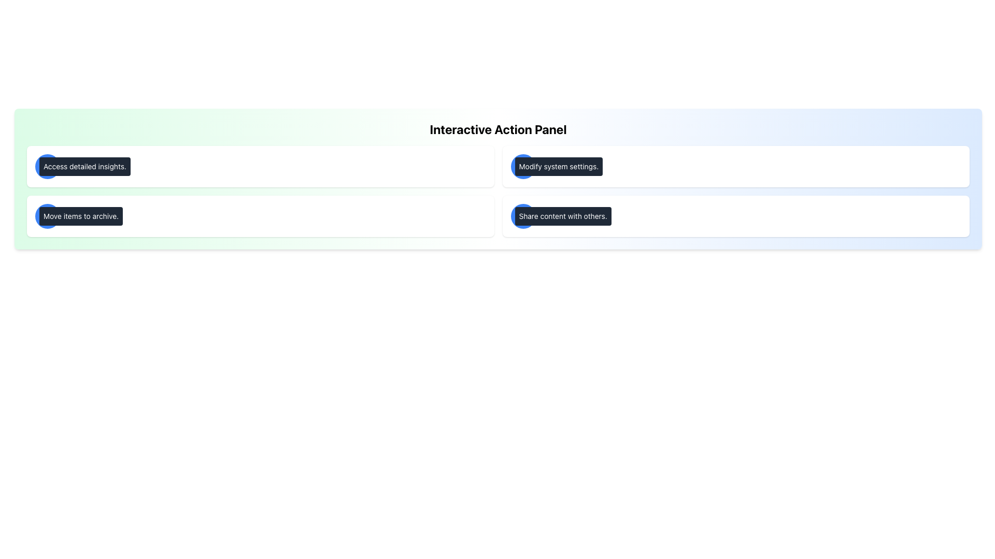 The width and height of the screenshot is (995, 559). Describe the element at coordinates (523, 166) in the screenshot. I see `the circular blue button containing a gear icon, located in the second row of the interactive panel next to the 'Modify system settings.' text` at that location.